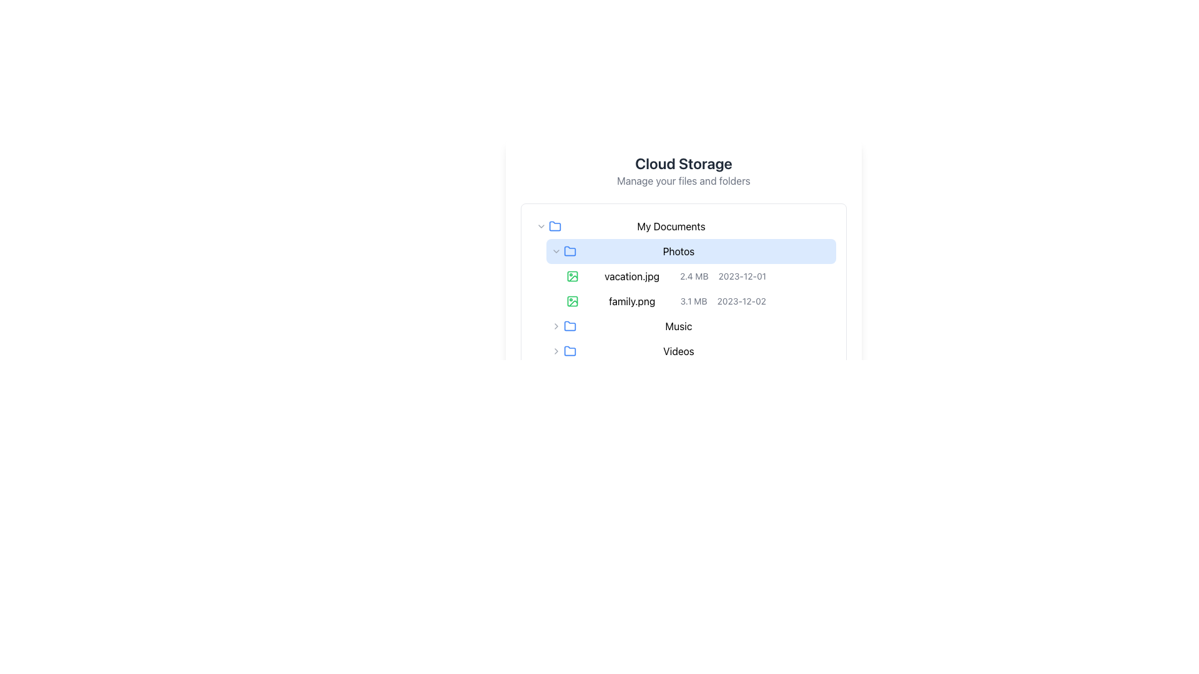 The width and height of the screenshot is (1199, 674). What do you see at coordinates (683, 351) in the screenshot?
I see `the 'Videos' text label located at the bottom of the file browser interface, beneath 'Music'` at bounding box center [683, 351].